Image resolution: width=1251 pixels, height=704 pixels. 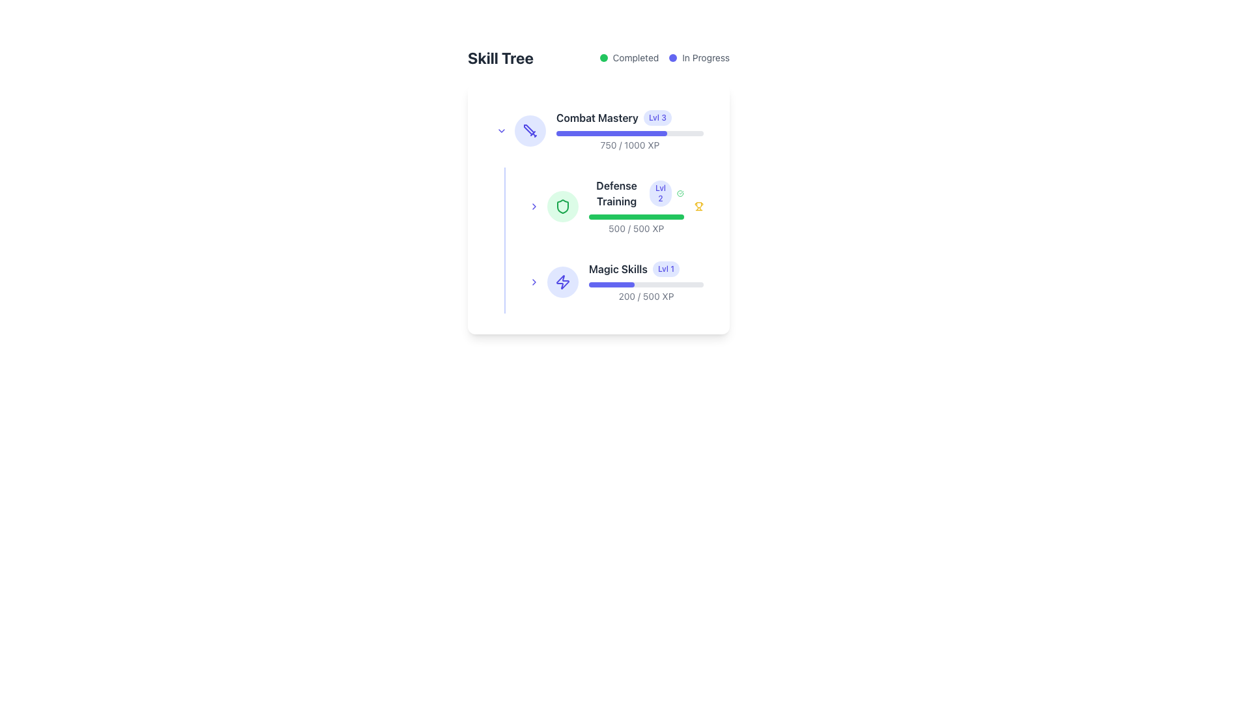 I want to click on the text display element that shows the numerical XP progress for 'Magic Skills', located at the bottom of the 'Magic Skills' entry in the skill tree interface, so click(x=646, y=297).